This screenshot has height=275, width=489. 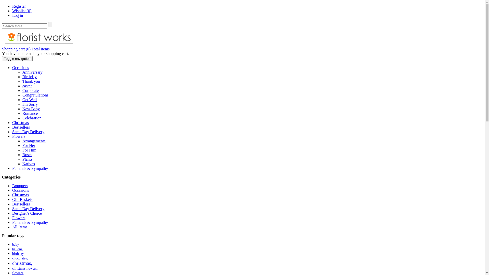 What do you see at coordinates (32, 72) in the screenshot?
I see `'Anniversary'` at bounding box center [32, 72].